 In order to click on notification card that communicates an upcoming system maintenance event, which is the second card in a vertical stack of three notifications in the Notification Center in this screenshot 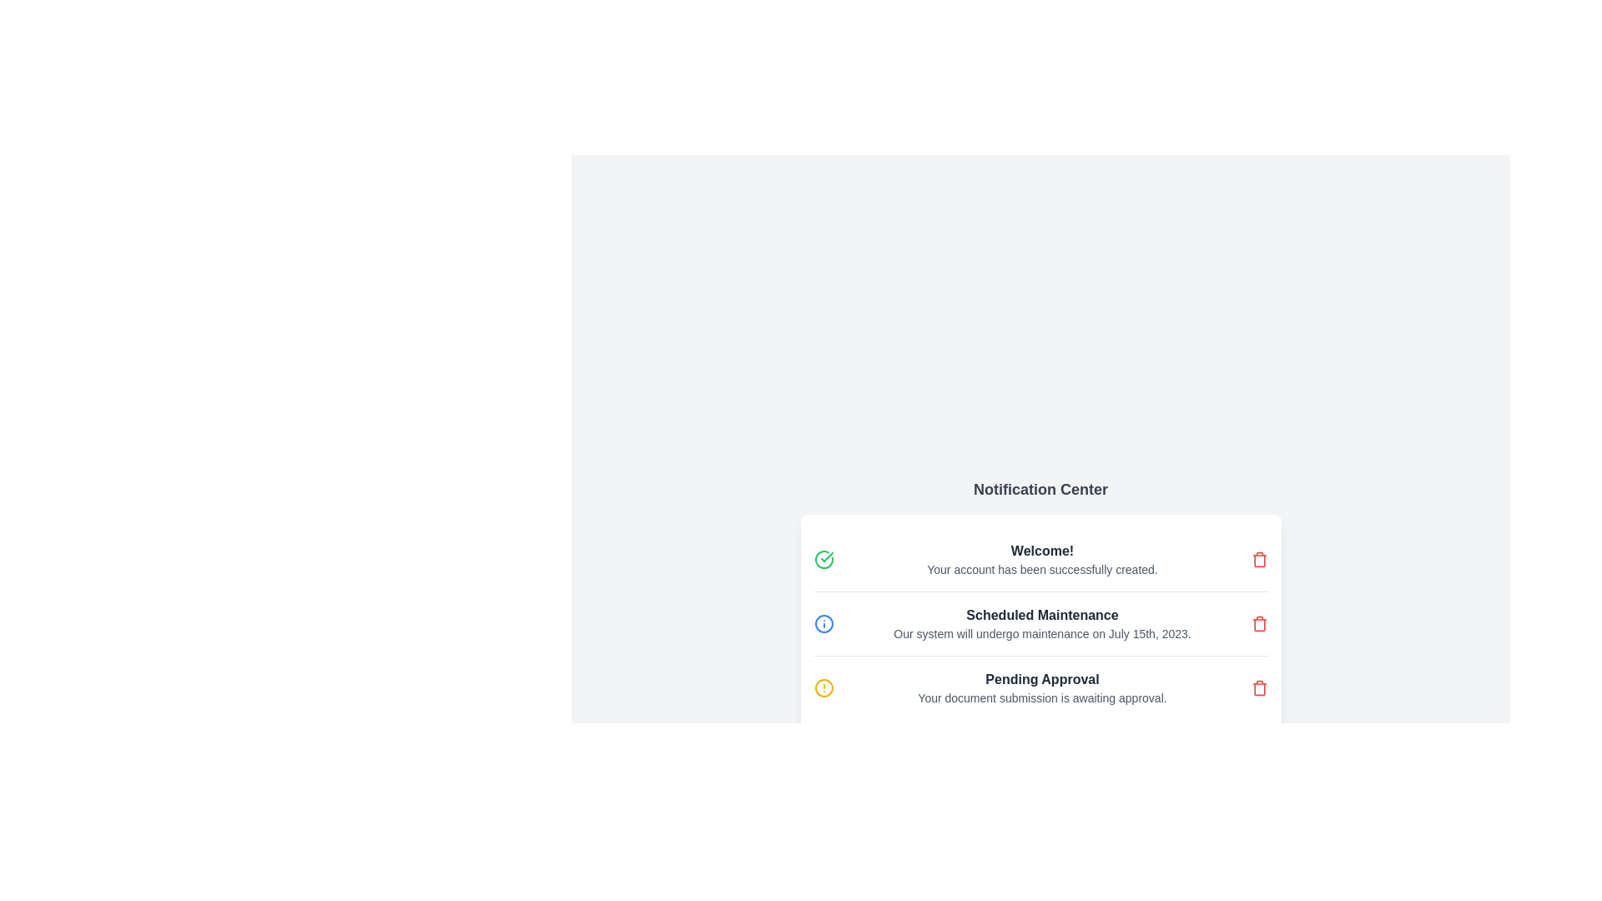, I will do `click(1040, 624)`.